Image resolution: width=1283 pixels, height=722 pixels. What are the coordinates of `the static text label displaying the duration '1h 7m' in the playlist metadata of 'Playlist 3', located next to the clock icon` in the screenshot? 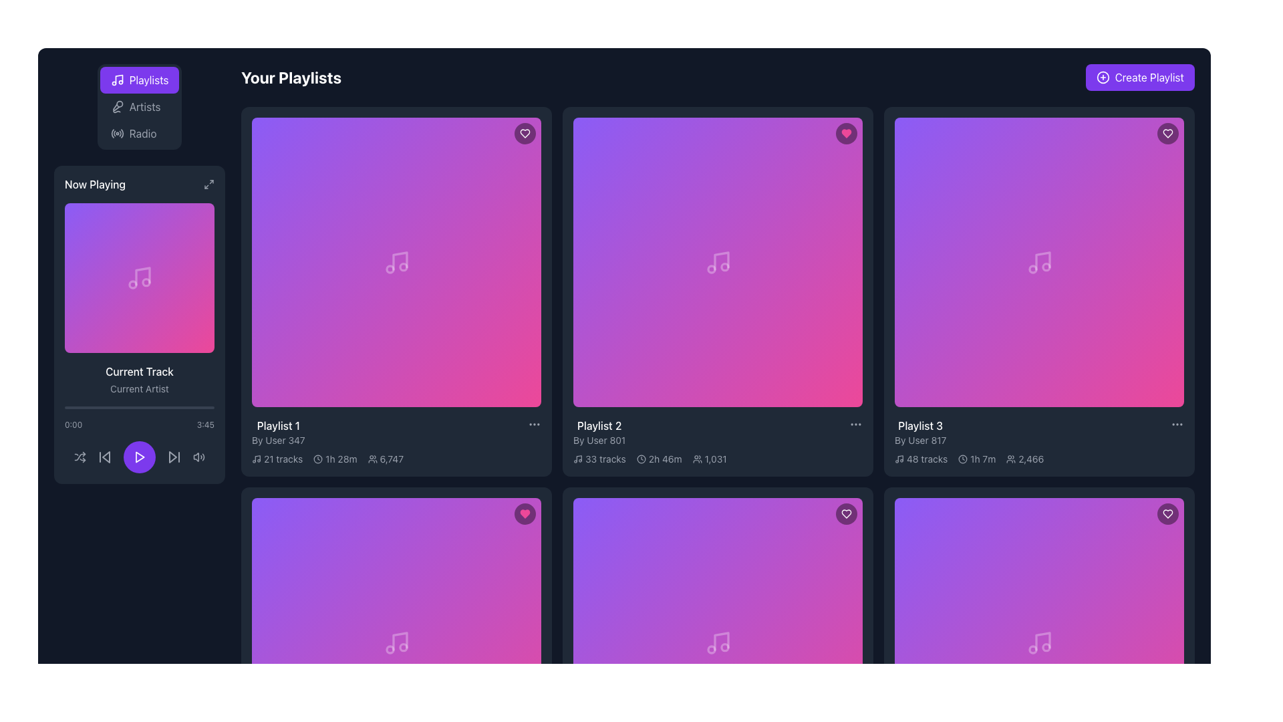 It's located at (983, 458).